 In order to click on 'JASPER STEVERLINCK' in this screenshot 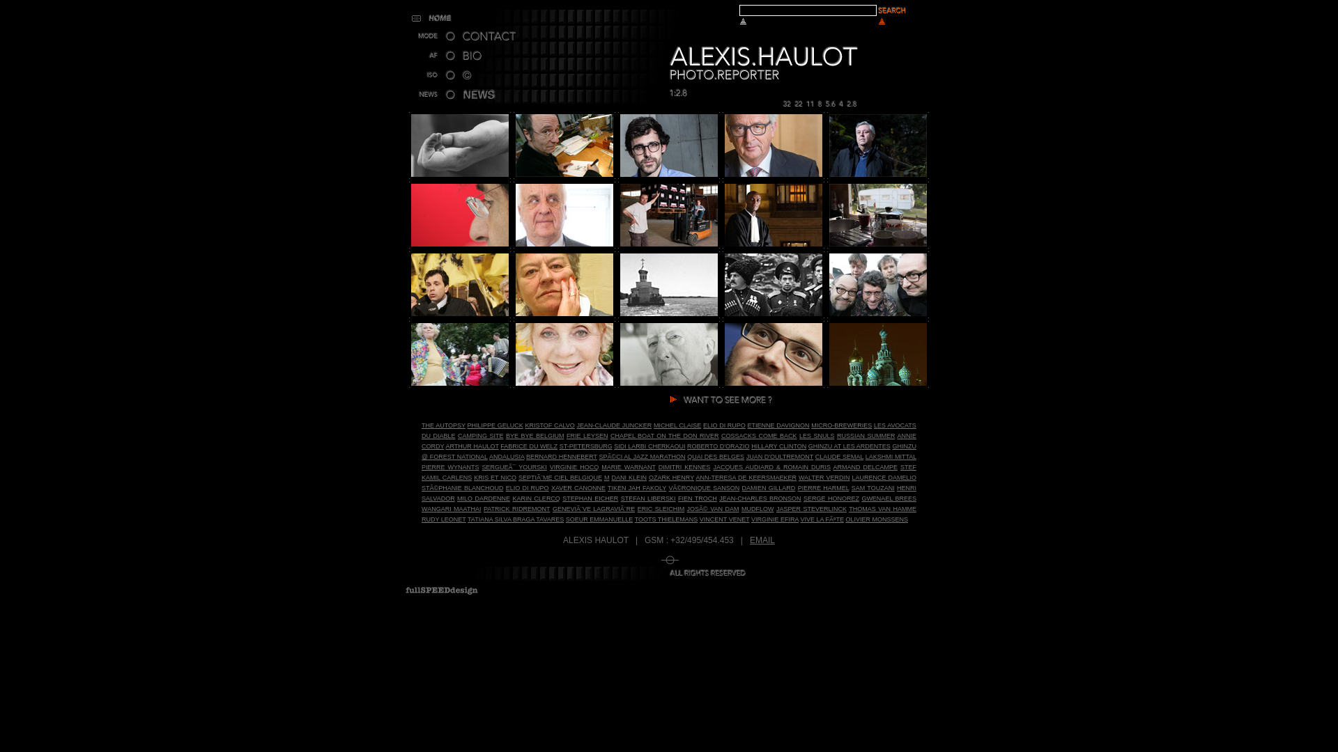, I will do `click(811, 509)`.